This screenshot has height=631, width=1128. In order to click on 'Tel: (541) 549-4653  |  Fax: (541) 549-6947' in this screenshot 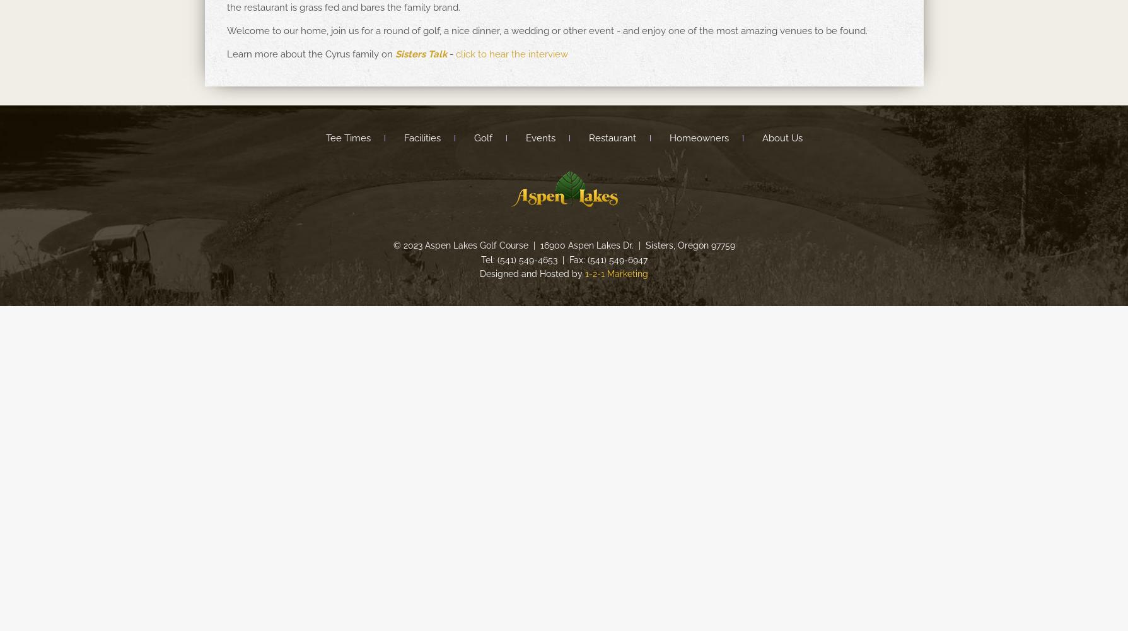, I will do `click(563, 260)`.